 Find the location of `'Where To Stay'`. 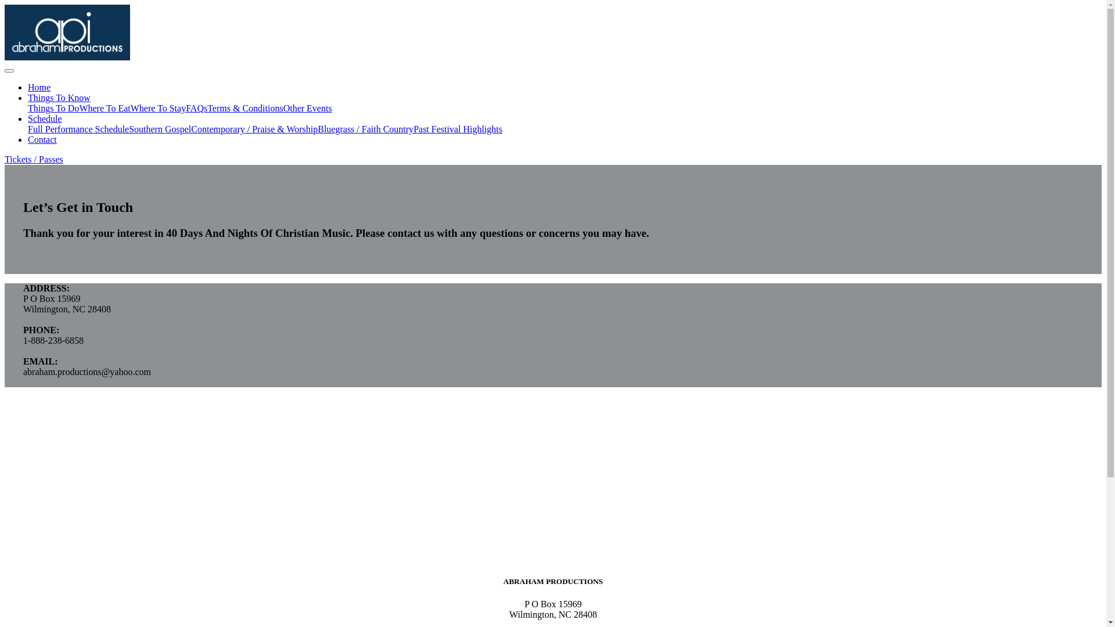

'Where To Stay' is located at coordinates (157, 108).